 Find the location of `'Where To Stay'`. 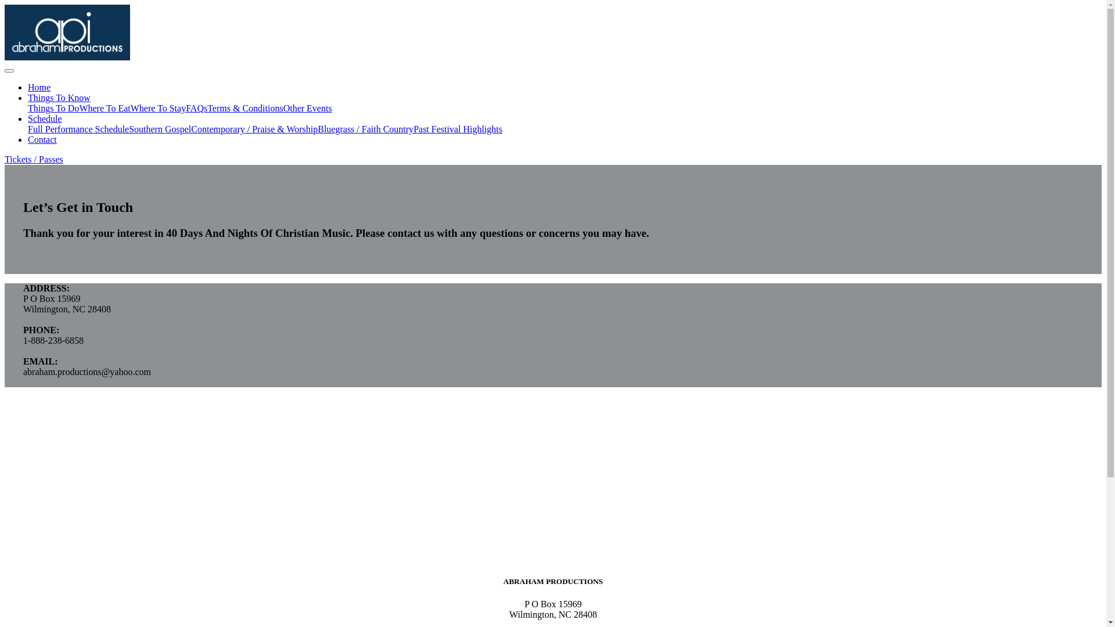

'Where To Stay' is located at coordinates (157, 108).